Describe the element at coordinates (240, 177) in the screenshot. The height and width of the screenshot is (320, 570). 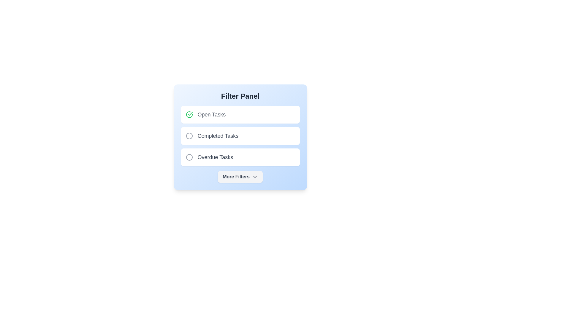
I see `the 'More Filters' button to expand the filter options` at that location.